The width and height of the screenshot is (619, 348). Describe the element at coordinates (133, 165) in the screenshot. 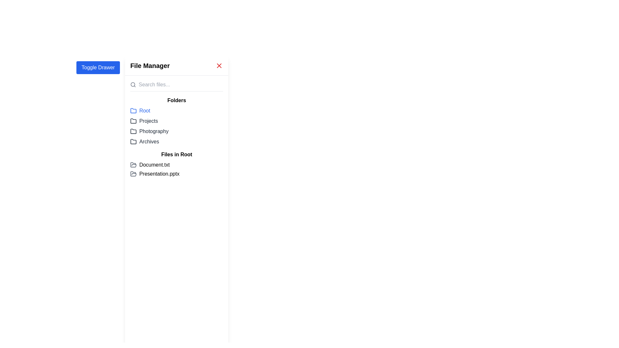

I see `the open folder icon located to the left of 'Document.txt' under the 'Files in Root' section` at that location.